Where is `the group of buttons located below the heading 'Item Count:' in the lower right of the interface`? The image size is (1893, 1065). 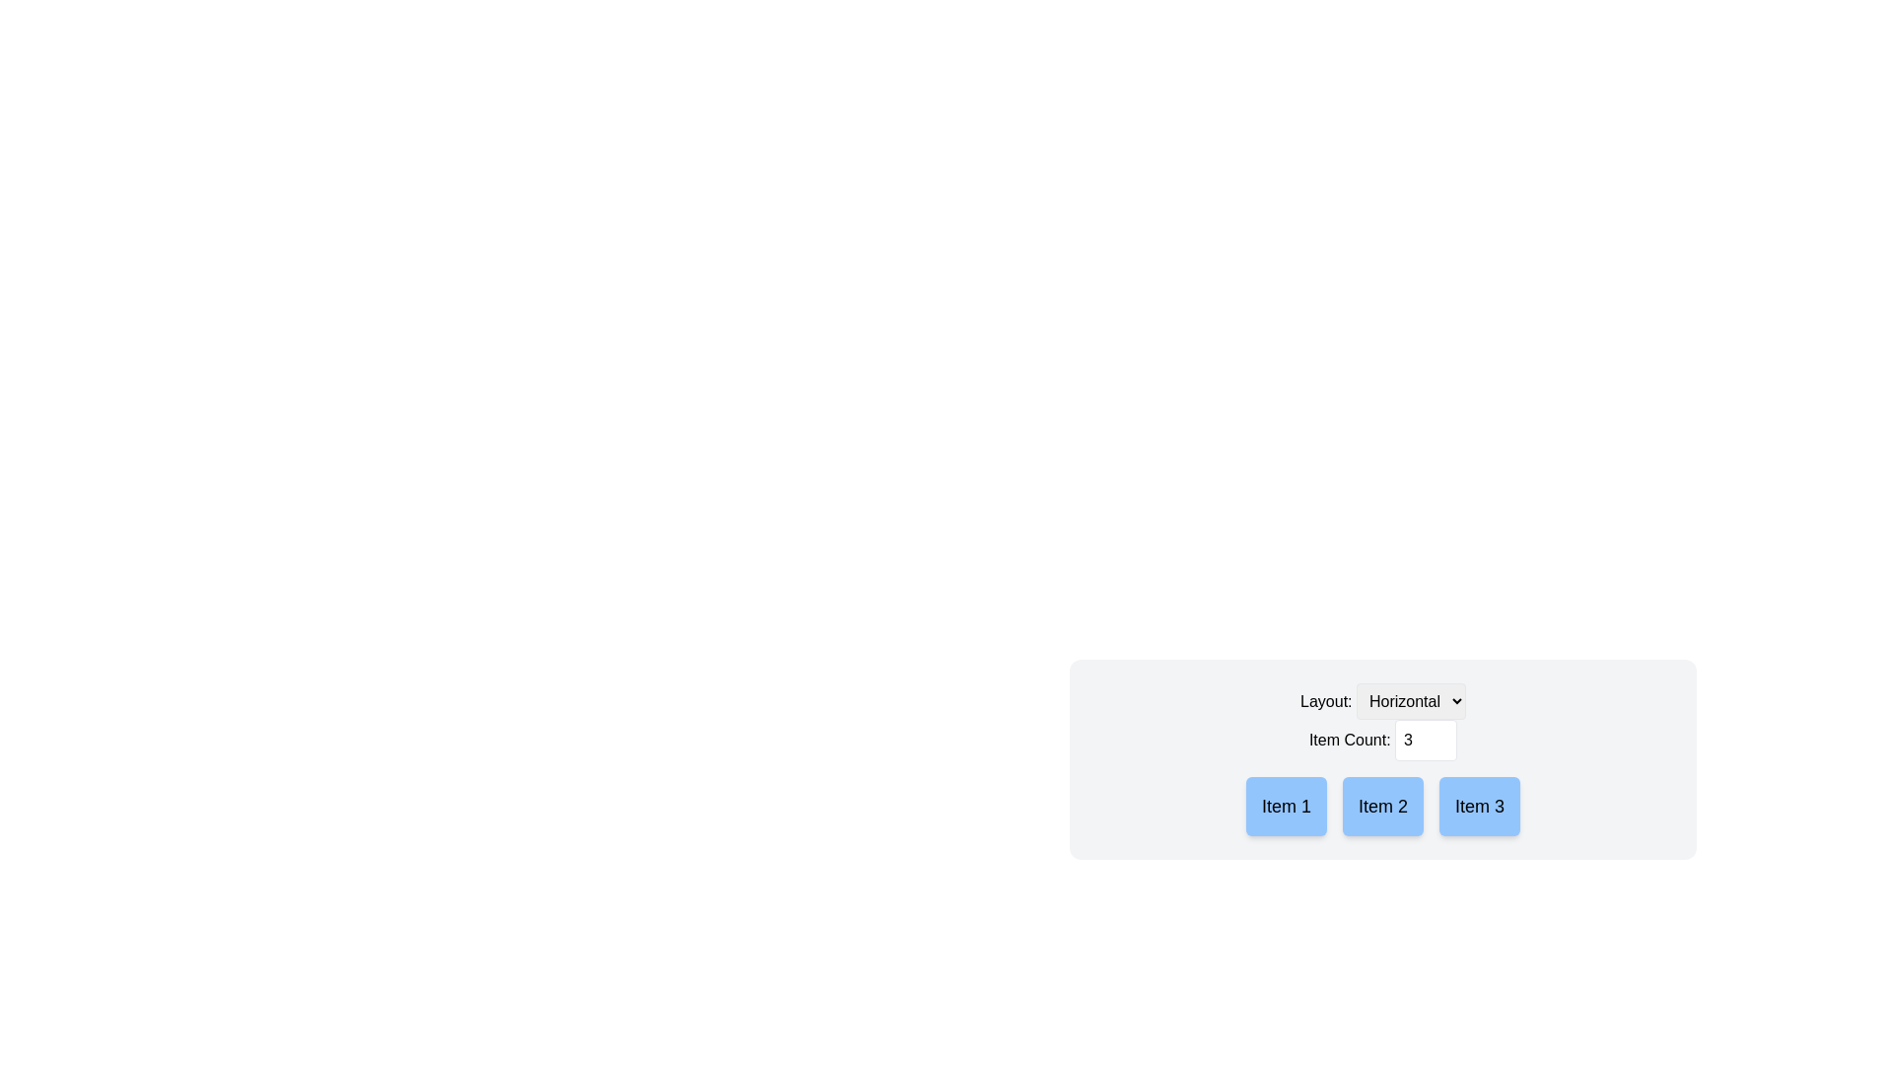 the group of buttons located below the heading 'Item Count:' in the lower right of the interface is located at coordinates (1381, 806).